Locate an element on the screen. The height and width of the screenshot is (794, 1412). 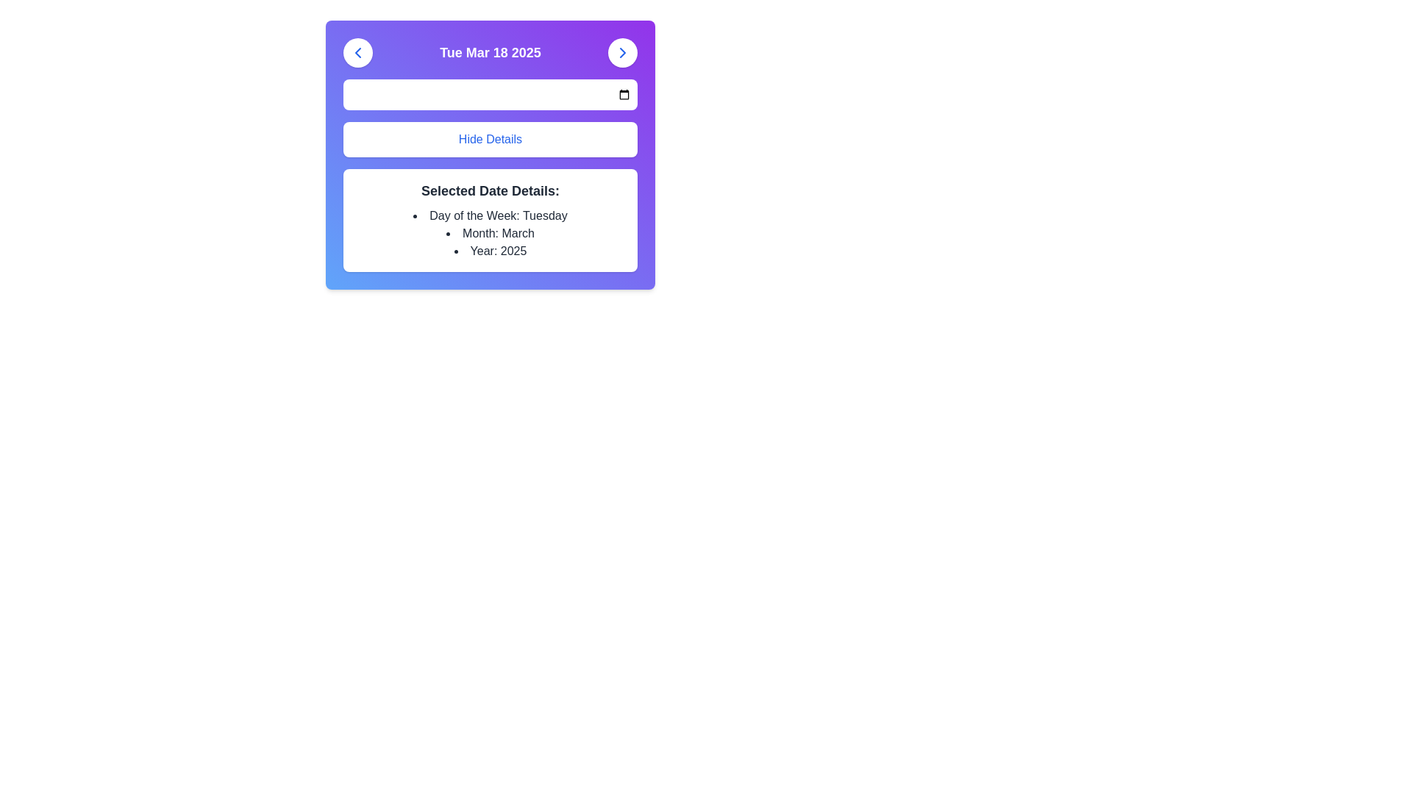
the bolded text heading that reads 'Selected Date Details:' located at the top of a white, rounded rectangular box with shadow styling is located at coordinates (491, 190).